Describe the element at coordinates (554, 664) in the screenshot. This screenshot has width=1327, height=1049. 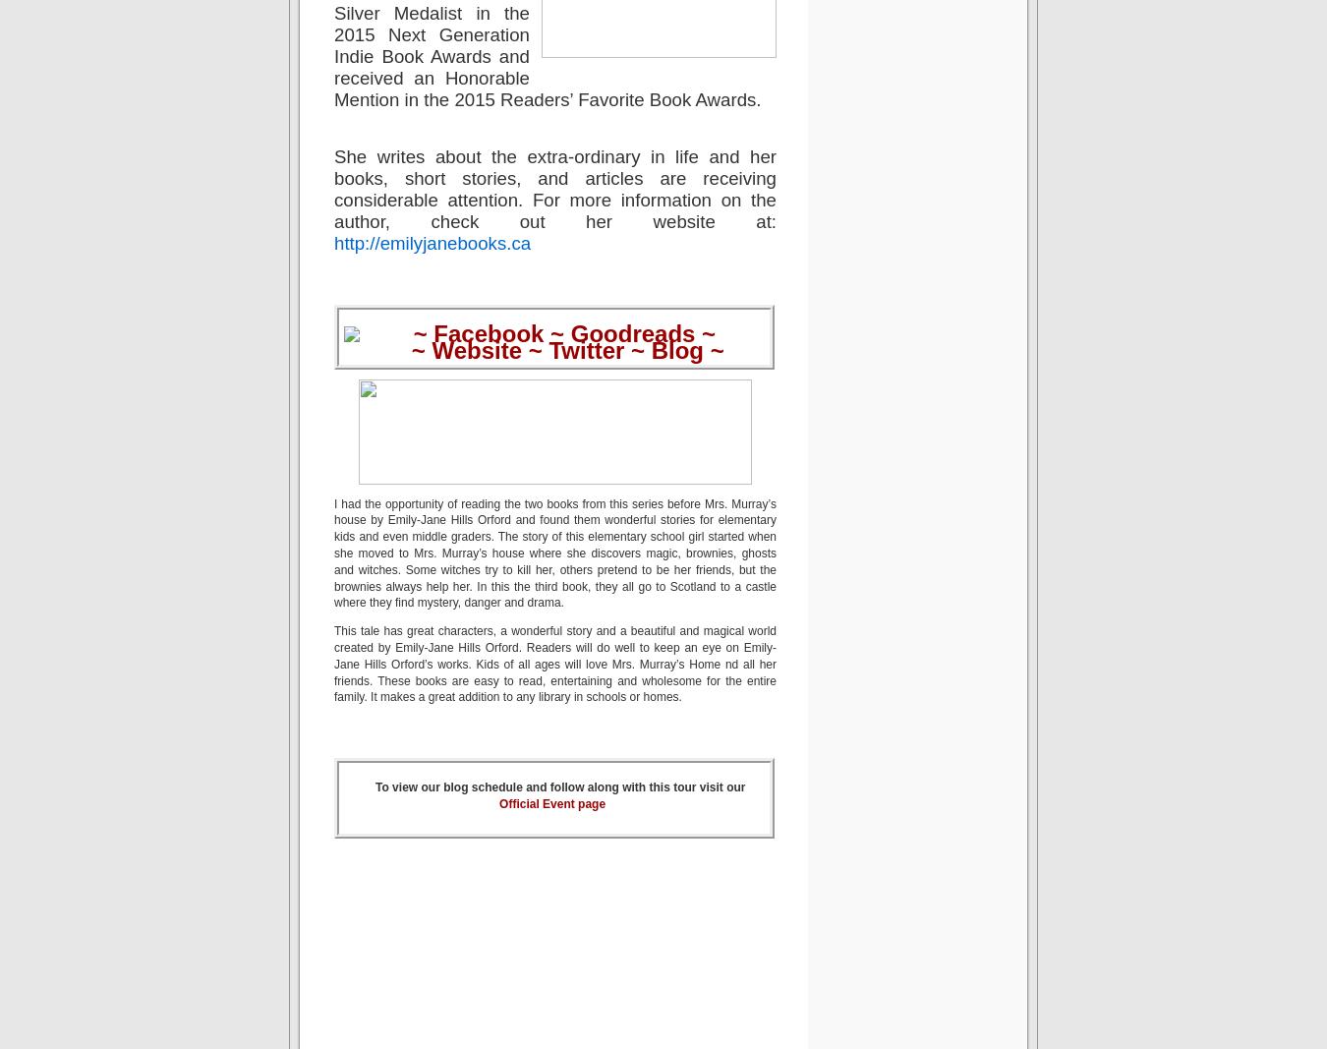
I see `'This tale has great characters, a wonderful story and a beautiful and magical world created by Emily-Jane Hills Orford. Readers will do well to keep an eye on Emily-Jane Hills Orford’s works. Kids of all ages will love Mrs. Murray’s Home nd all her friends. These books are easy to read, entertaining and wholesome for the entire family. It makes a great addition to any library in schools or homes.'` at that location.